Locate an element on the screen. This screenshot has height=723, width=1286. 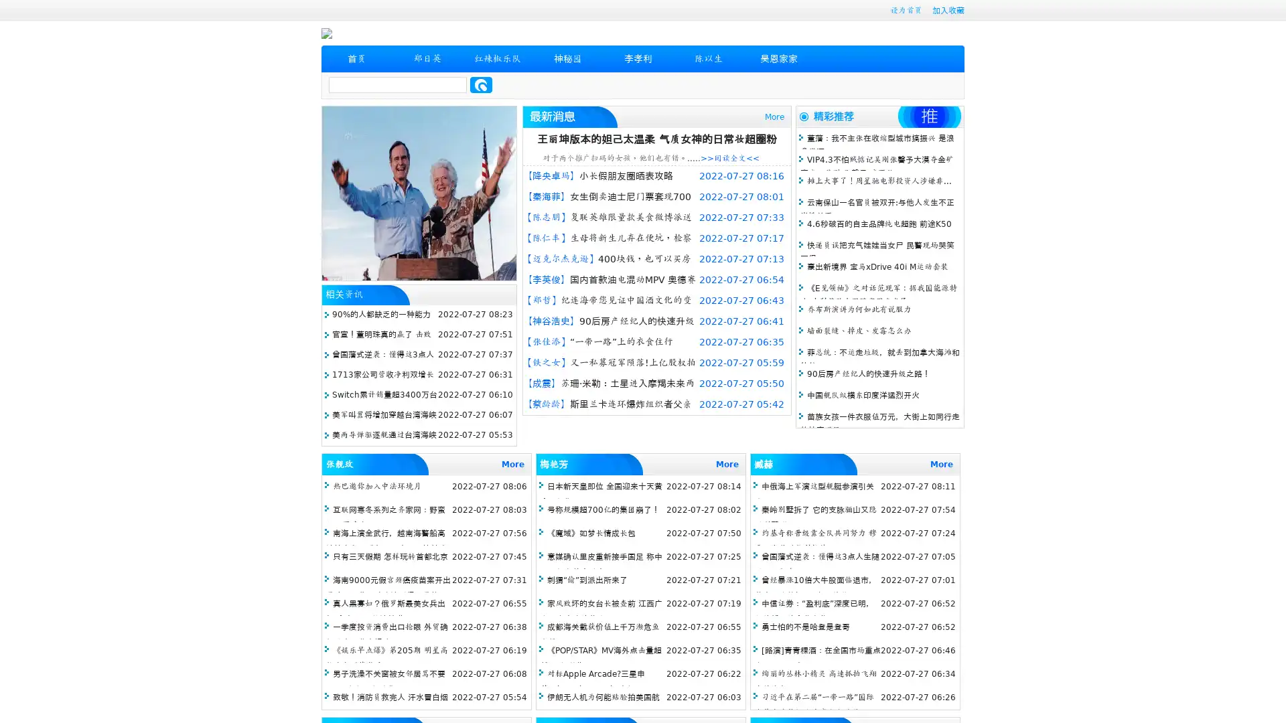
Search is located at coordinates (481, 85).